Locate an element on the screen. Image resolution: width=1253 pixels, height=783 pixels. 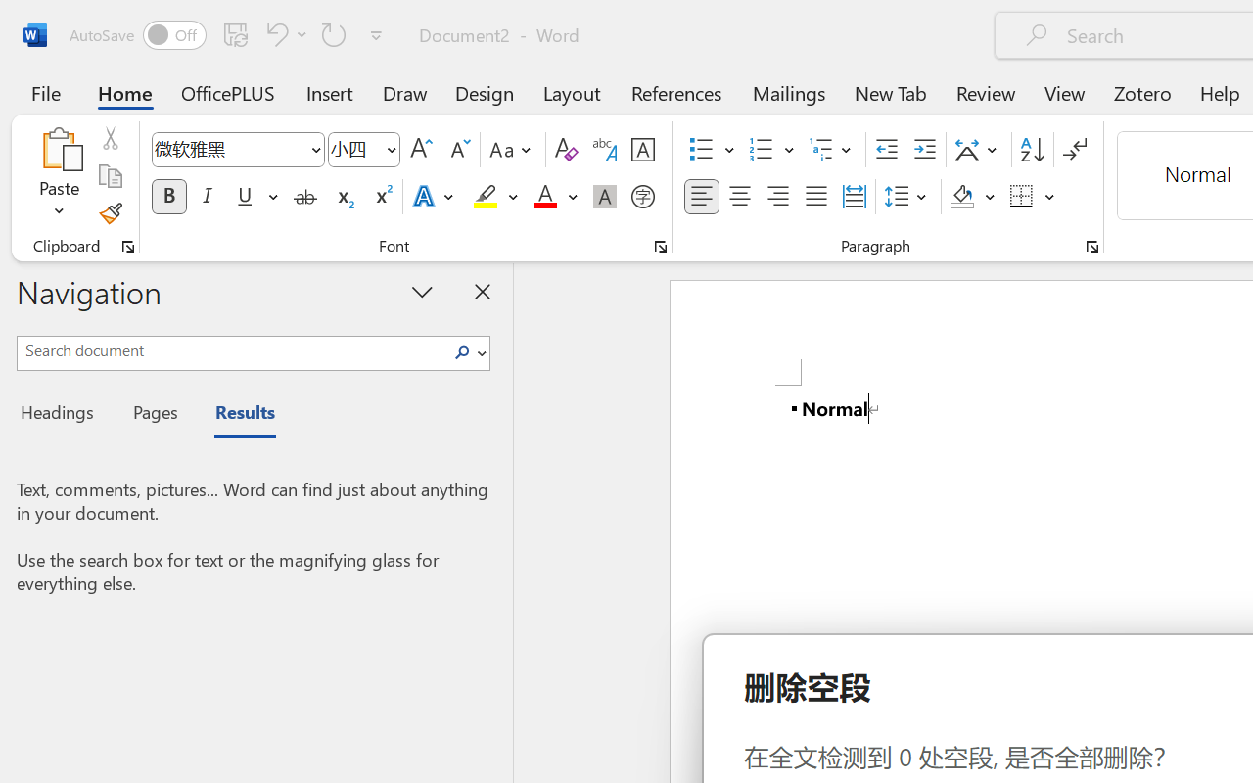
'Layout' is located at coordinates (571, 92).